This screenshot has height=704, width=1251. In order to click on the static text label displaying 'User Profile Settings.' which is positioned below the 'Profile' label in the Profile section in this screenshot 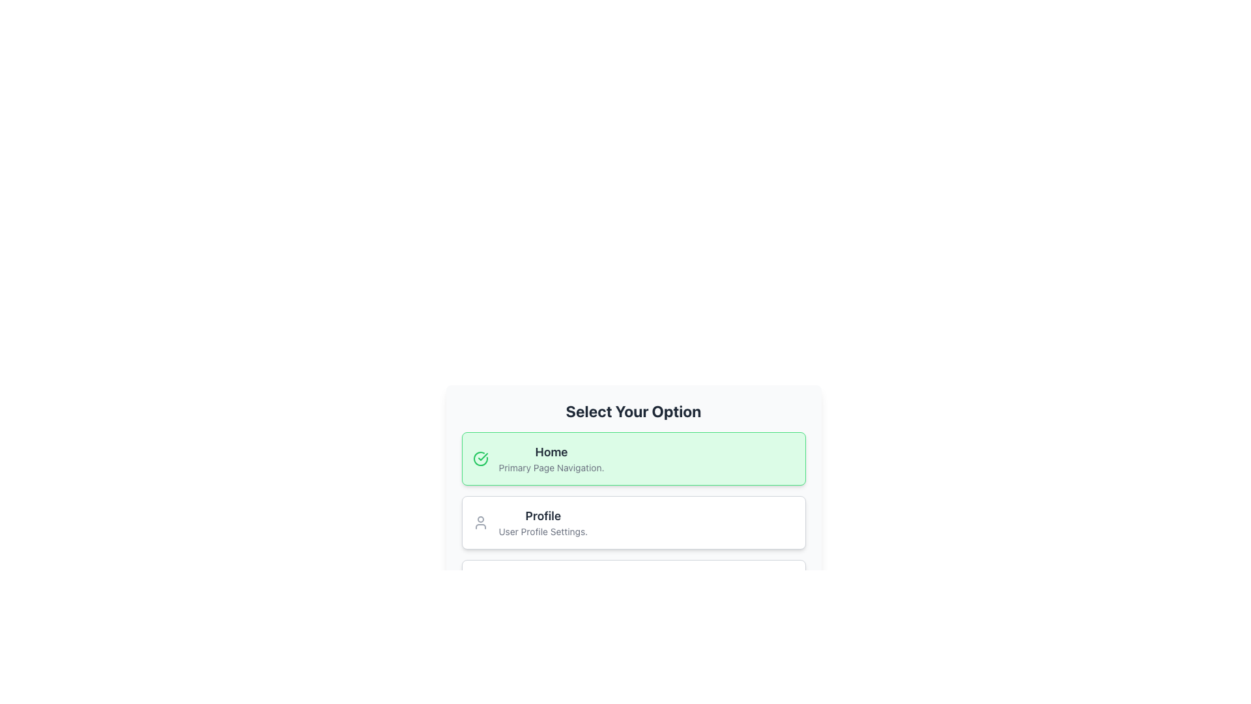, I will do `click(543, 532)`.